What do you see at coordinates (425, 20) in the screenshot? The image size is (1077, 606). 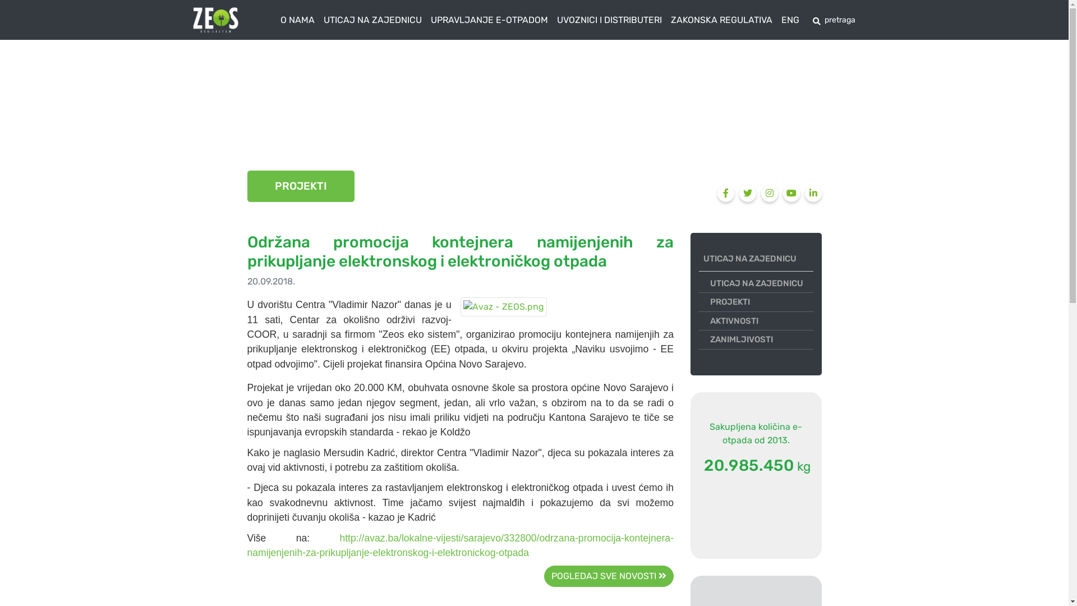 I see `'UPRAVLJANJE E-OTPADOM'` at bounding box center [425, 20].